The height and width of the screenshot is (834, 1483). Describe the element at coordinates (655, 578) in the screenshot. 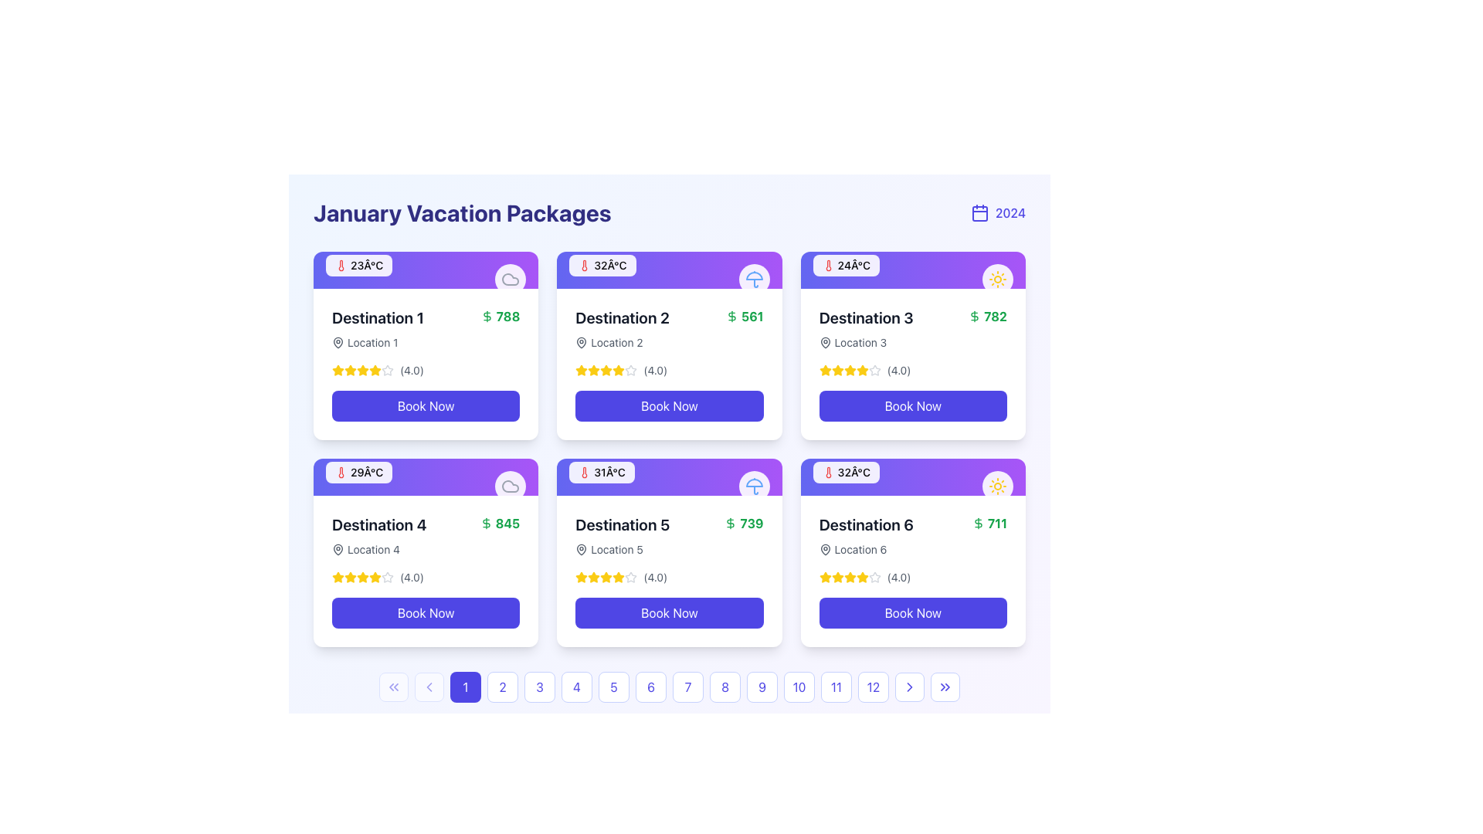

I see `text content of the text label displaying '(4.0)' next to the star rating for the fifth vacation package (Destination 5)` at that location.